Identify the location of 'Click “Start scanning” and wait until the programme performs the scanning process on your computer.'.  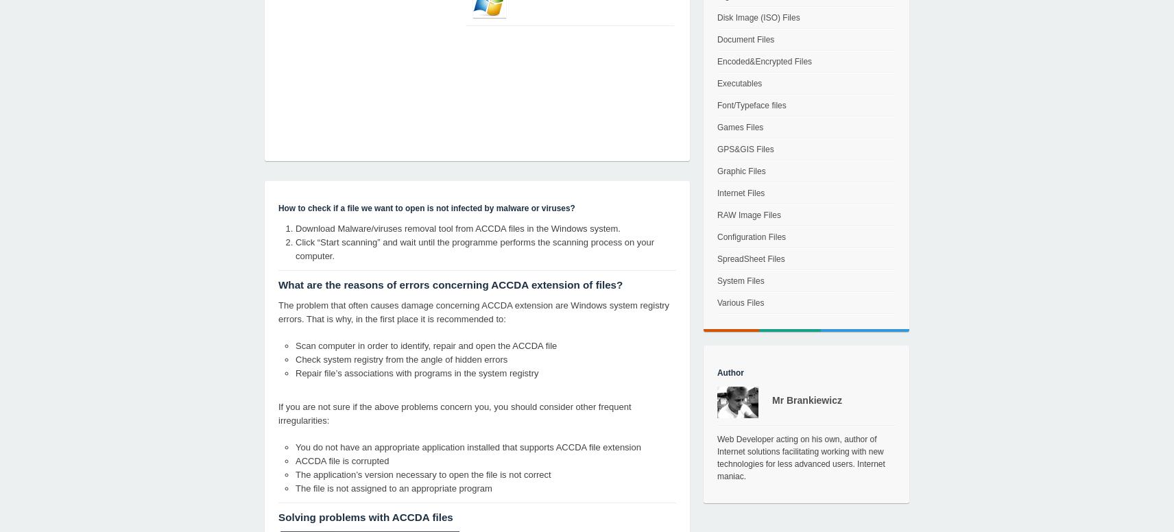
(475, 248).